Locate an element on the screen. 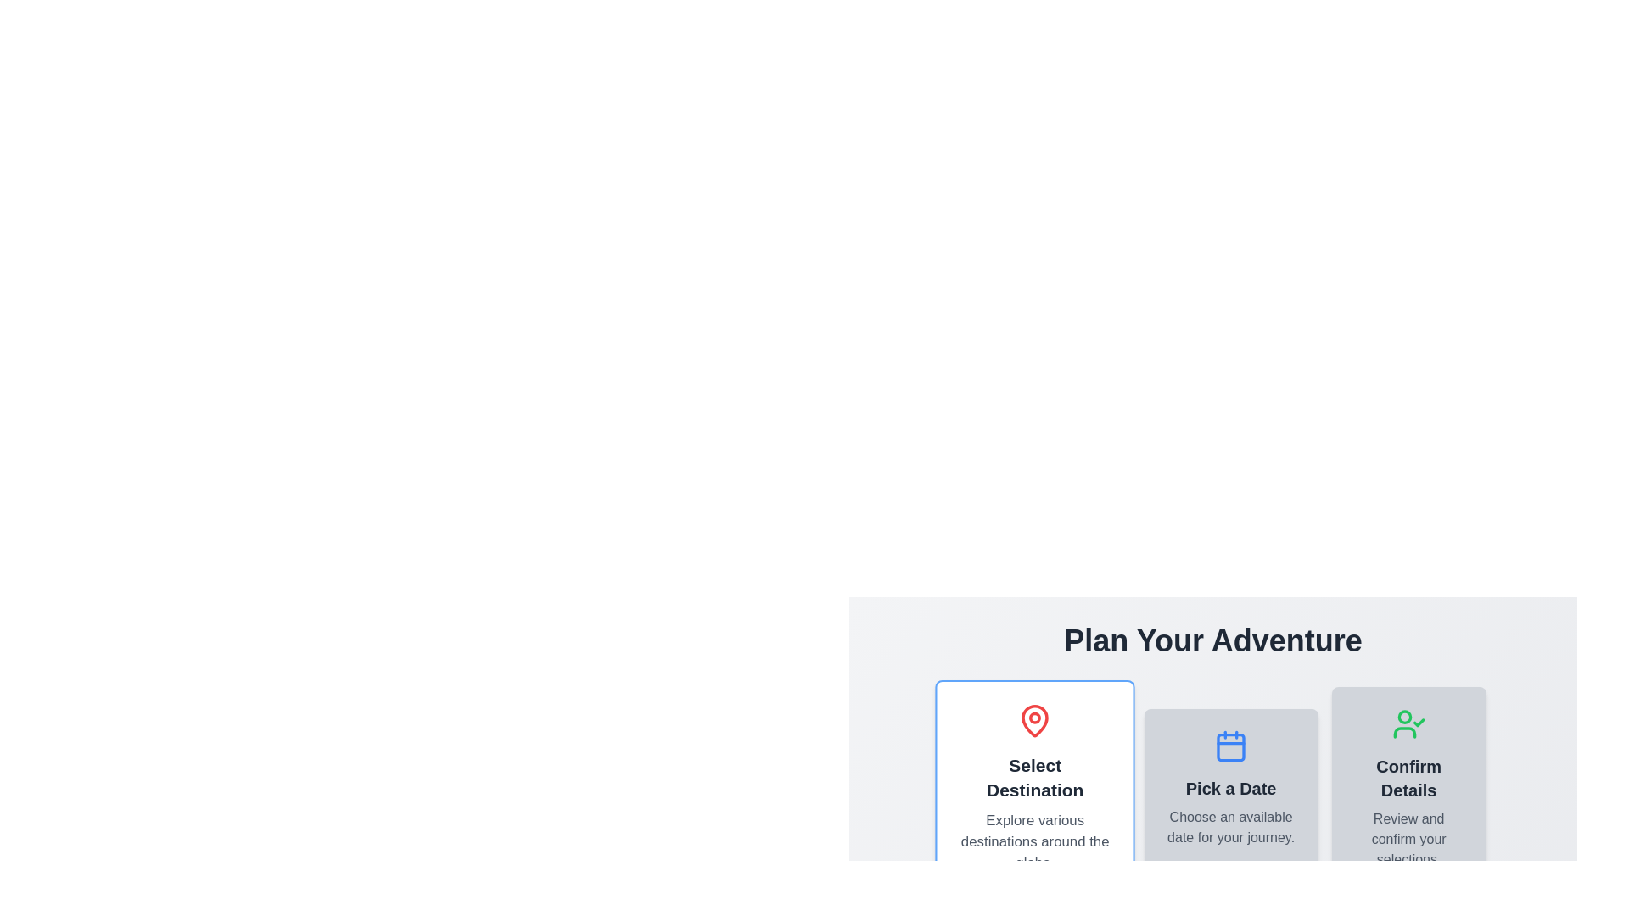 Image resolution: width=1629 pixels, height=916 pixels. the red circular marker inside the map pin icon of the 'Select Destination' card in the 'Plan Your Adventure' section is located at coordinates (1034, 718).